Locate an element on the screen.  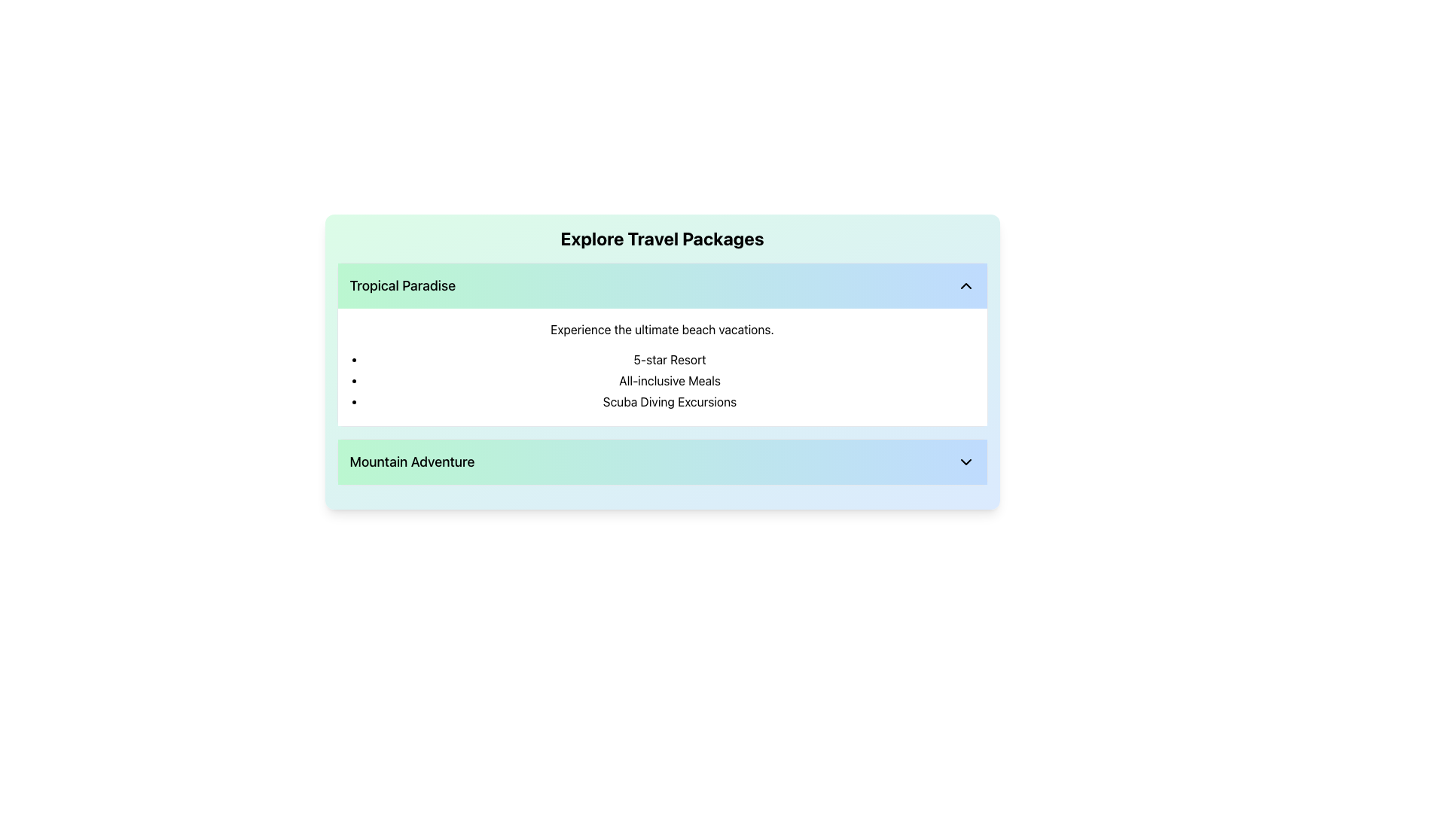
the toggle icon at the right end of the blue gradient bar is located at coordinates (966, 286).